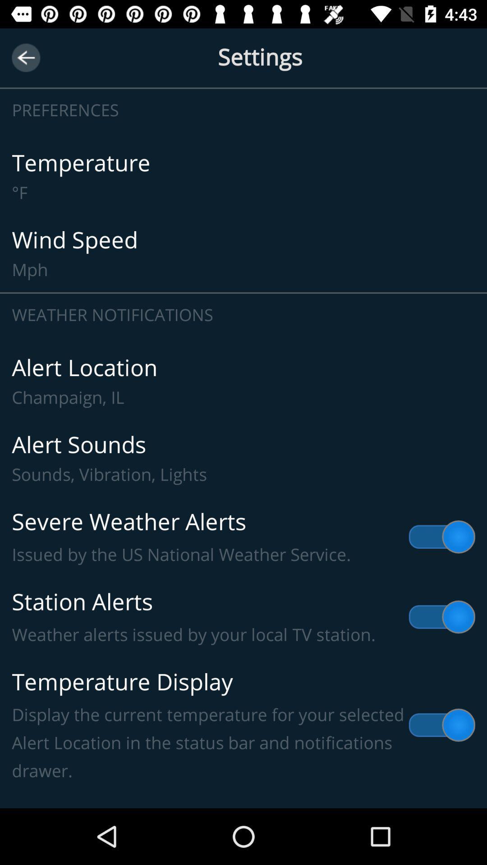  Describe the element at coordinates (25, 57) in the screenshot. I see `the arrow_backward icon` at that location.